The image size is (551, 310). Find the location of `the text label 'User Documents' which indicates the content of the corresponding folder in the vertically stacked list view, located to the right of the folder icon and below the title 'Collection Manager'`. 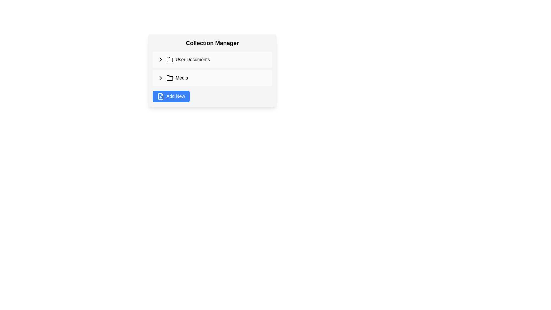

the text label 'User Documents' which indicates the content of the corresponding folder in the vertically stacked list view, located to the right of the folder icon and below the title 'Collection Manager' is located at coordinates (193, 60).